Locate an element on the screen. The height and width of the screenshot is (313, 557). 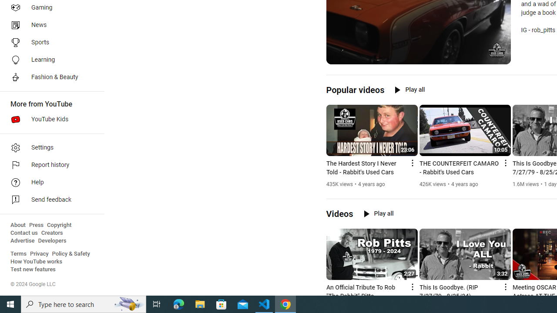
'Help' is located at coordinates (49, 182).